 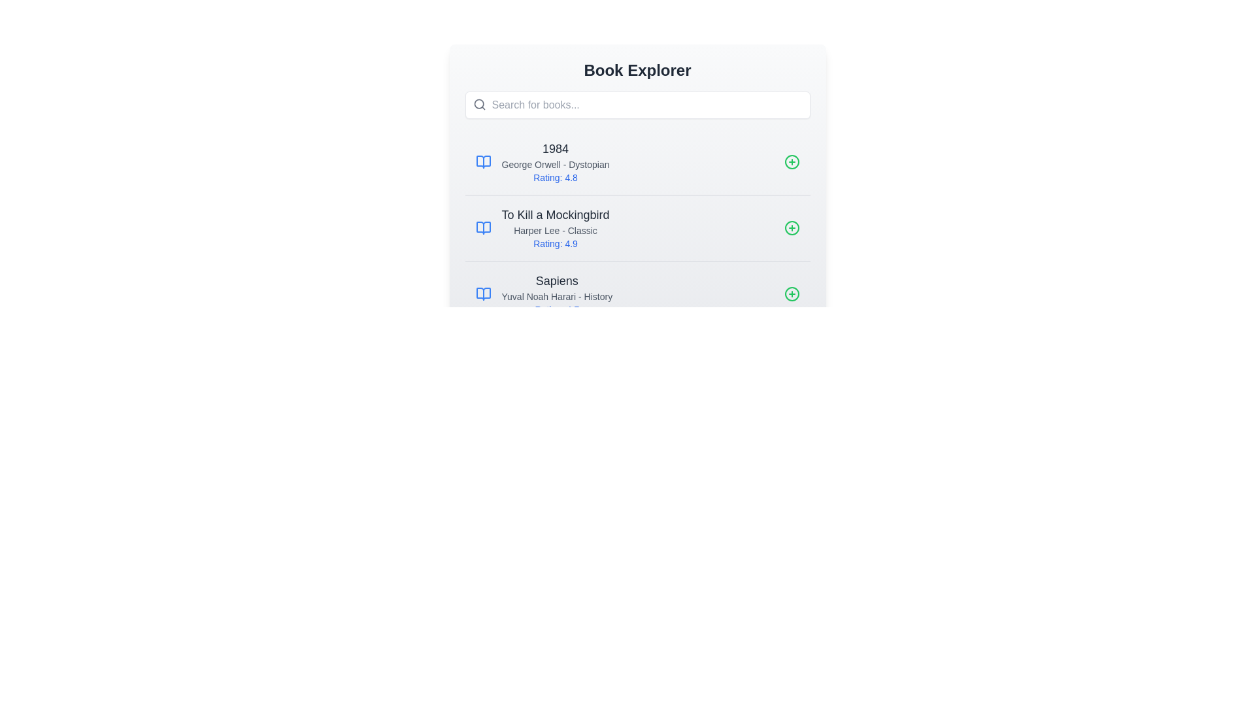 I want to click on the book icon SVG element located to the left of the text '1984', so click(x=482, y=161).